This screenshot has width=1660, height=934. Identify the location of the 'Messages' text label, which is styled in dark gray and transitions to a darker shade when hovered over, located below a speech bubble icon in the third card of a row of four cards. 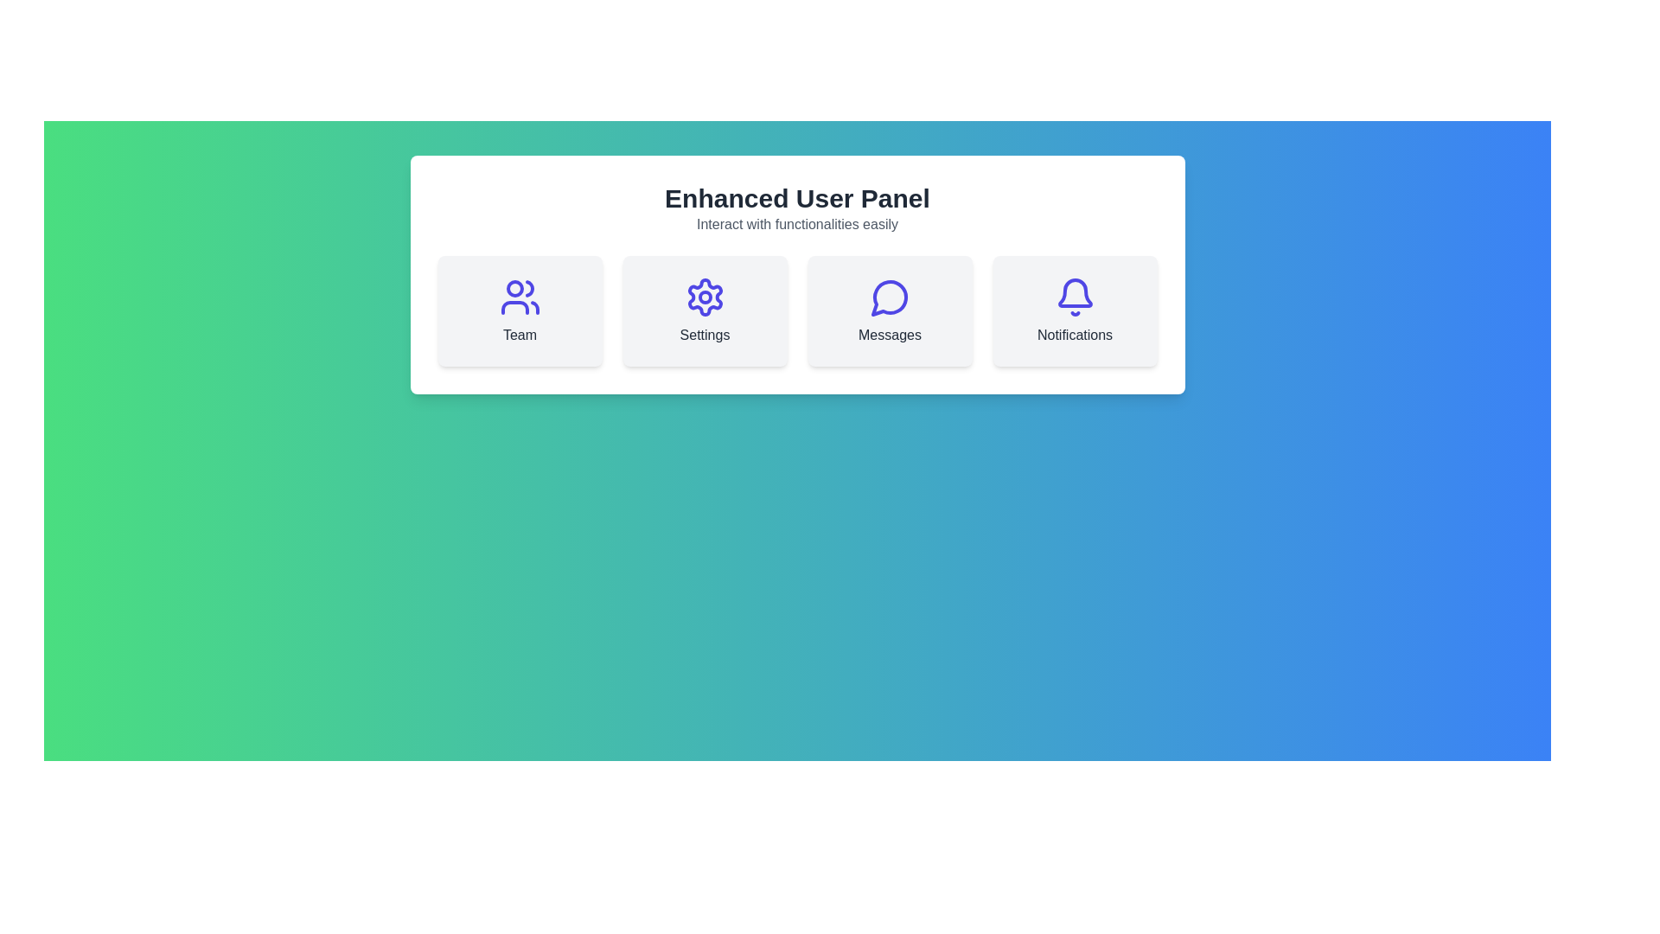
(890, 336).